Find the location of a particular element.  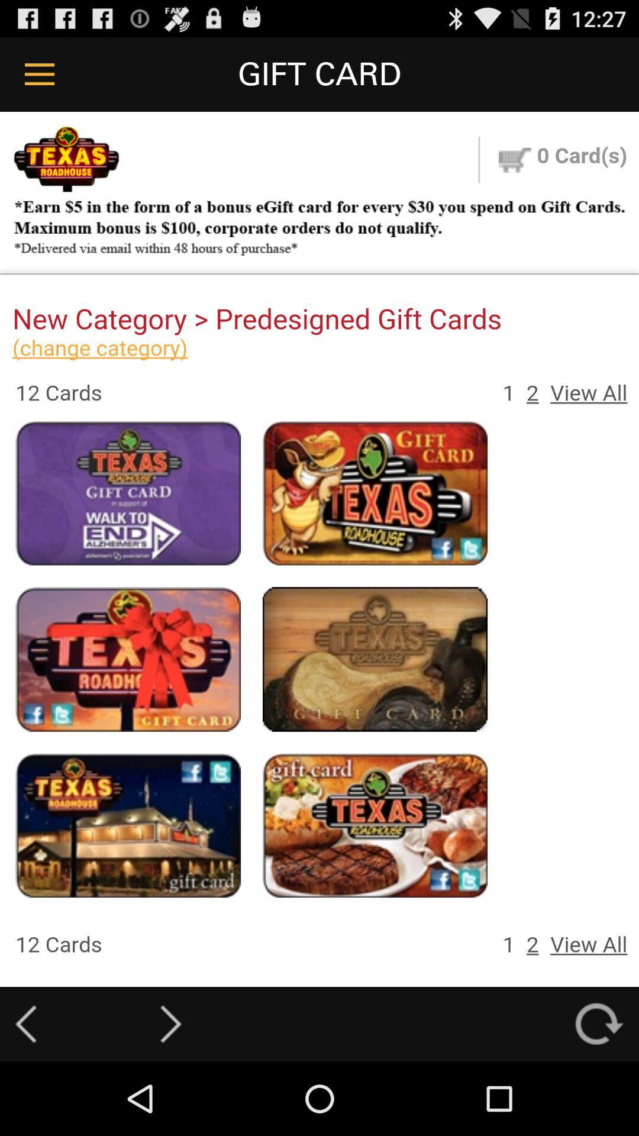

for adivestment is located at coordinates (319, 548).